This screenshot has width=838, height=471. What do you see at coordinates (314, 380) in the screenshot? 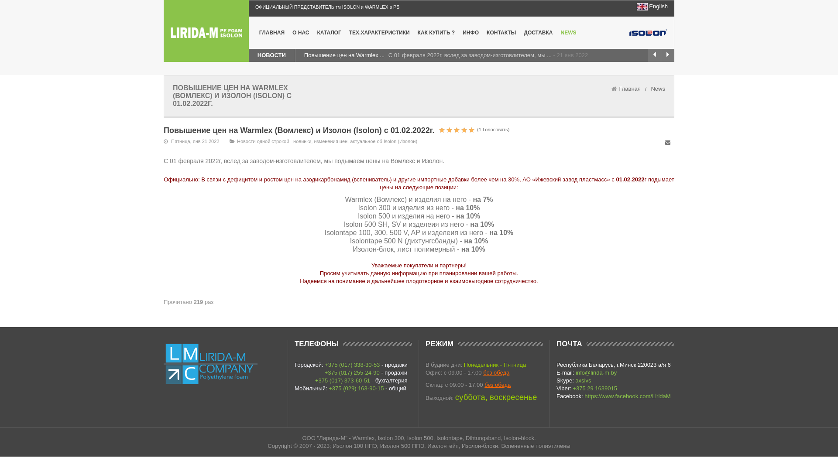
I see `'+375 (017) 373-60-51'` at bounding box center [314, 380].